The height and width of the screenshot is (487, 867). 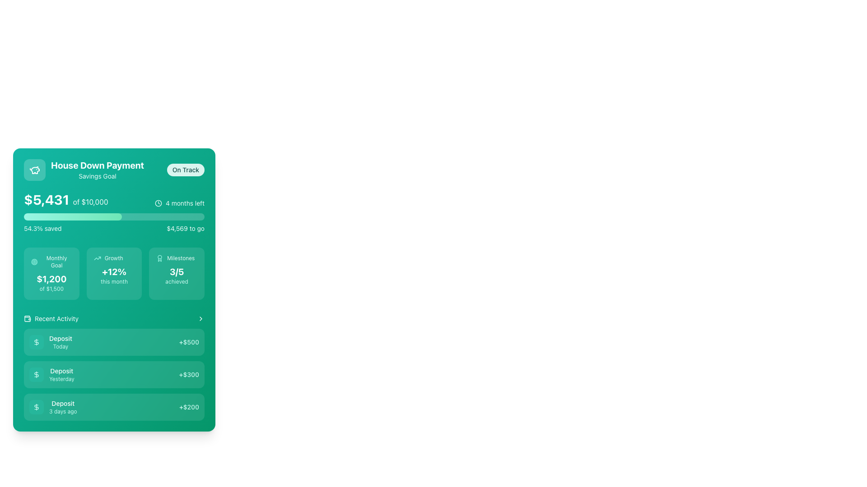 I want to click on the progress bar indicating financial savings, located below the title 'House Down Payment' in the main card-like section, so click(x=114, y=212).